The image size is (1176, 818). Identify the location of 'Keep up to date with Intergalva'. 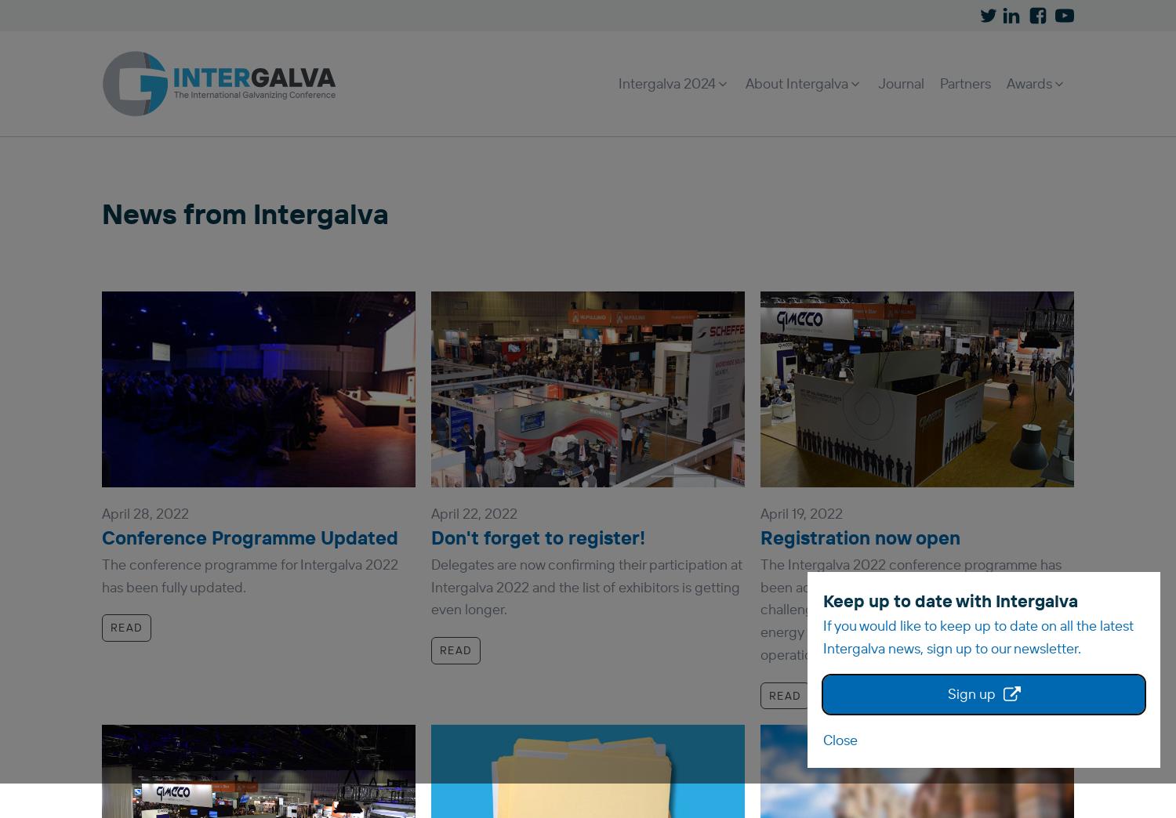
(949, 599).